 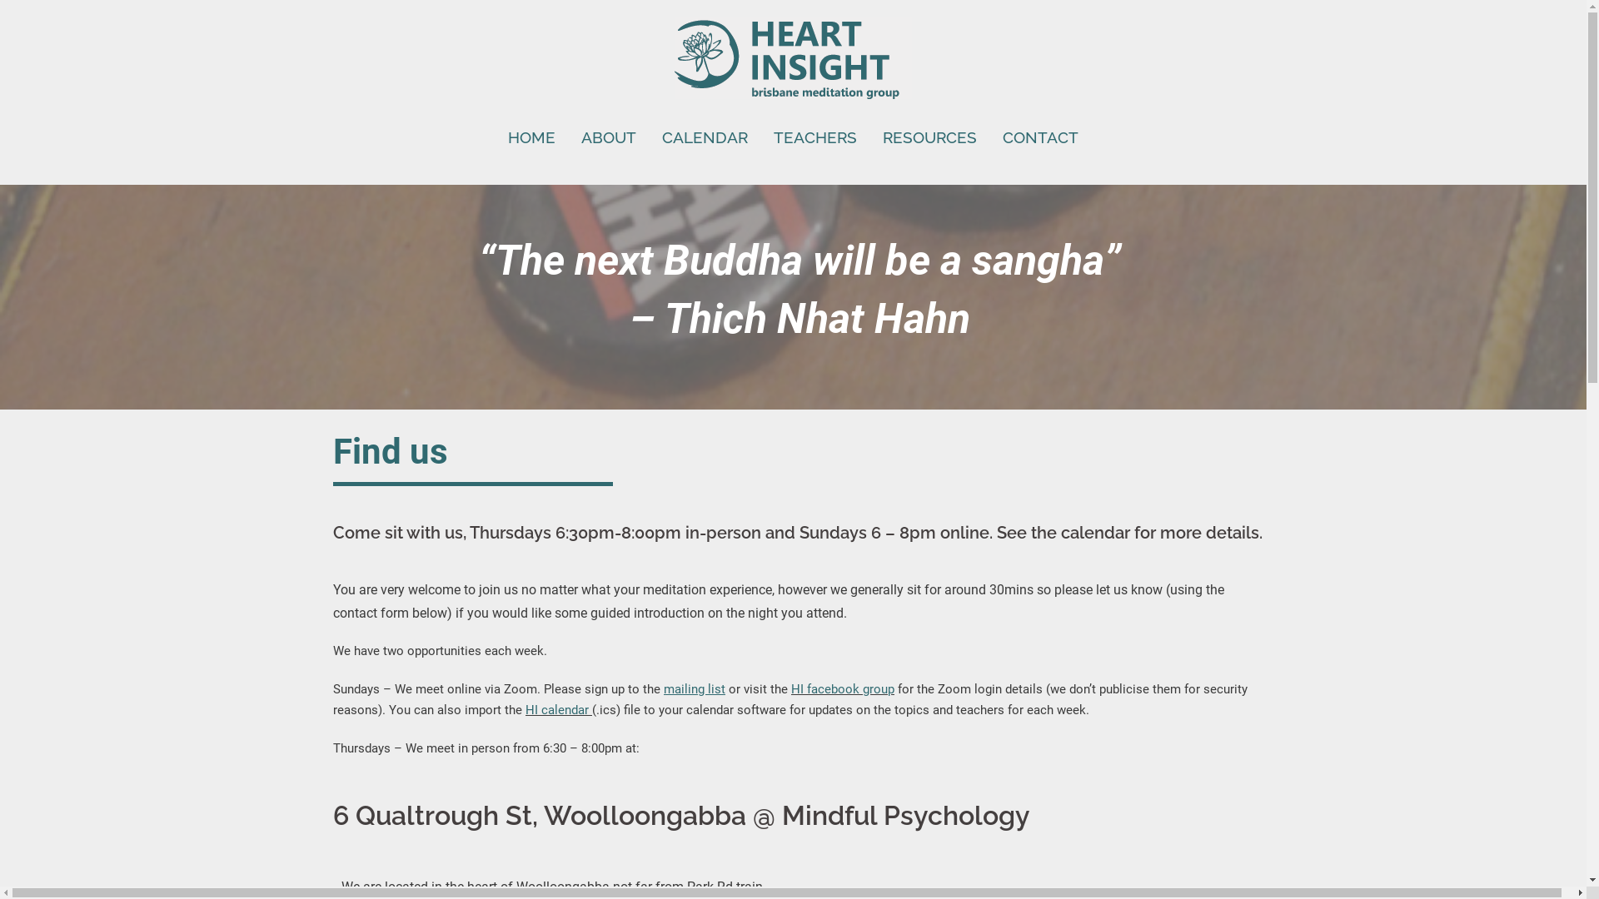 What do you see at coordinates (792, 61) in the screenshot?
I see `'Heart Insight'` at bounding box center [792, 61].